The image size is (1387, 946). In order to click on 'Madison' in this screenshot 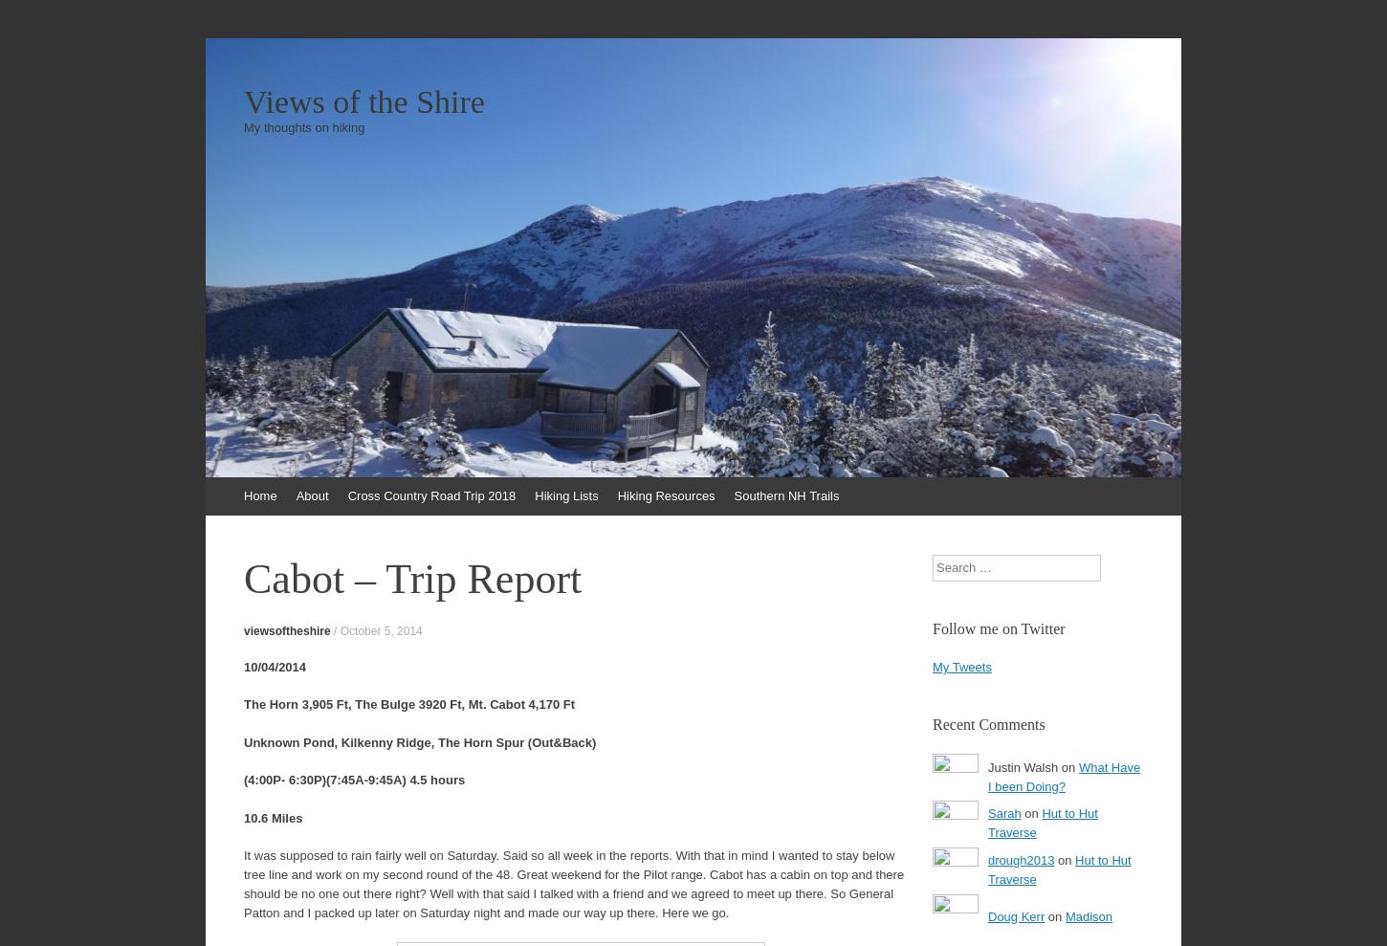, I will do `click(1087, 915)`.